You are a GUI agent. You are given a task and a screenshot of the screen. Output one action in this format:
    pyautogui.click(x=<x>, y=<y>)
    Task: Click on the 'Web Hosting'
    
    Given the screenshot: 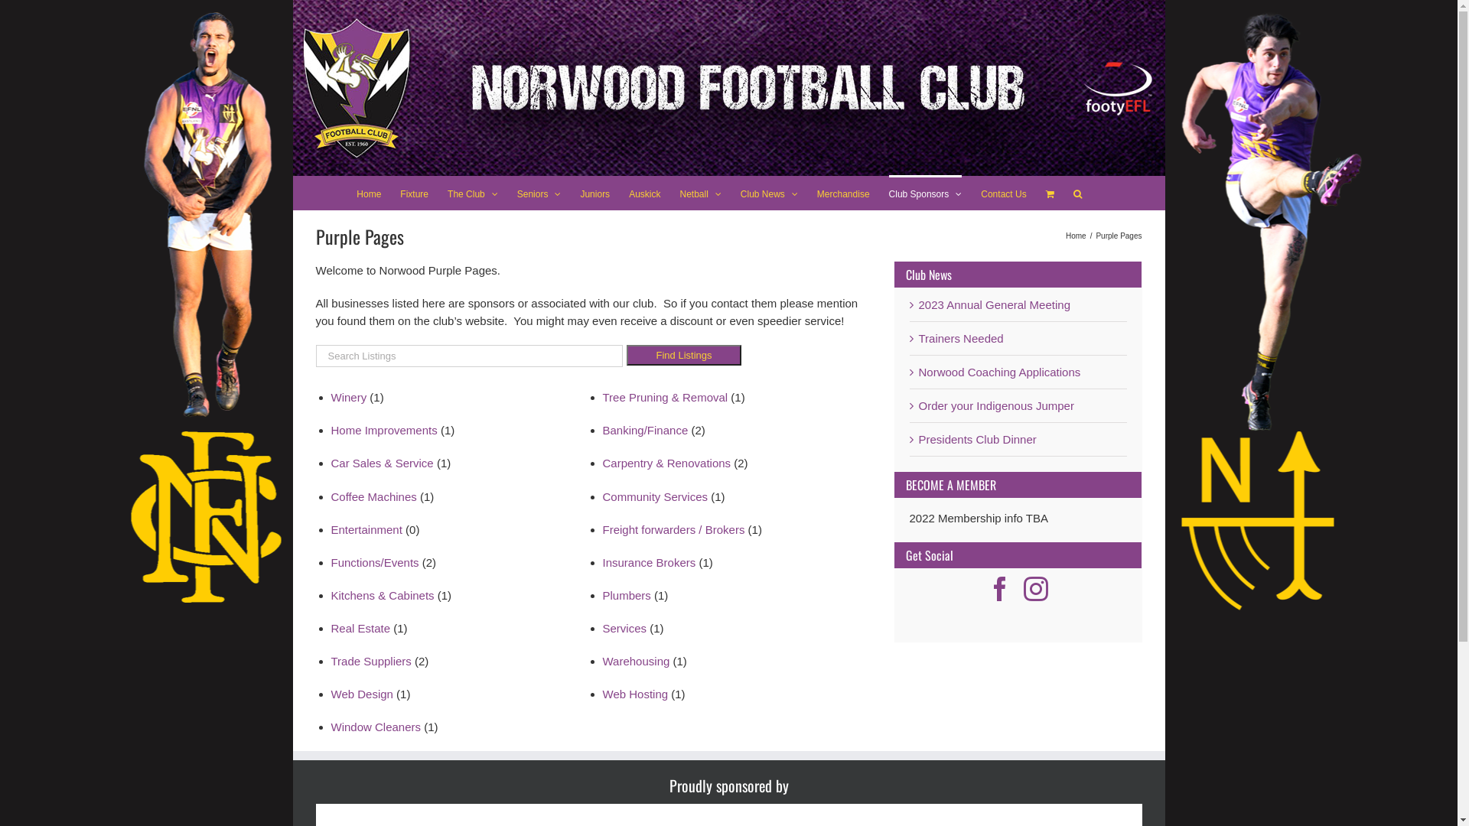 What is the action you would take?
    pyautogui.click(x=635, y=694)
    